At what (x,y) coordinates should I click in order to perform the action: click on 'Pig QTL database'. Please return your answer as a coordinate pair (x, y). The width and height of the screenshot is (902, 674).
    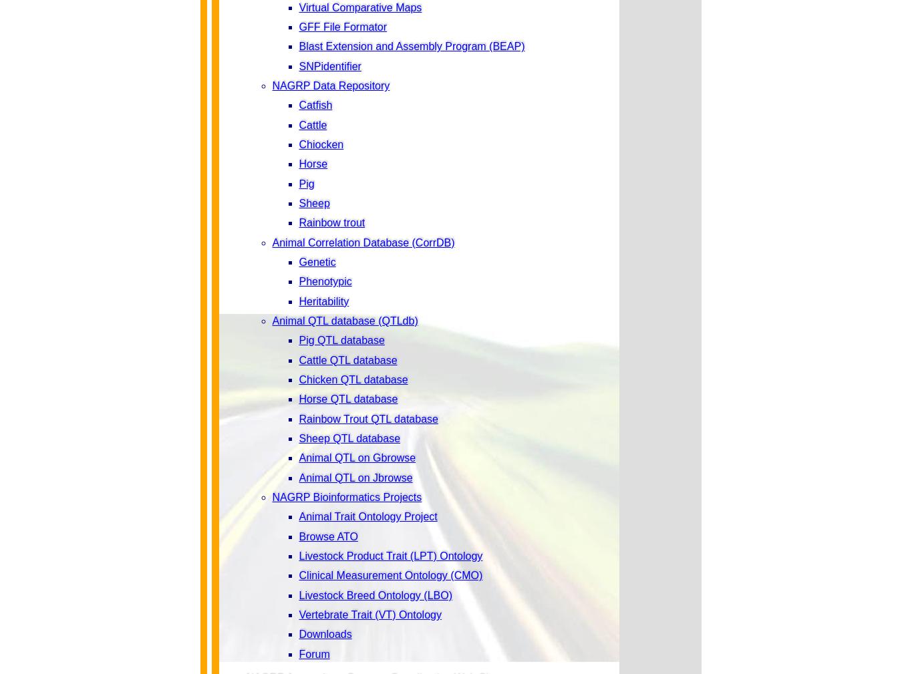
    Looking at the image, I should click on (340, 340).